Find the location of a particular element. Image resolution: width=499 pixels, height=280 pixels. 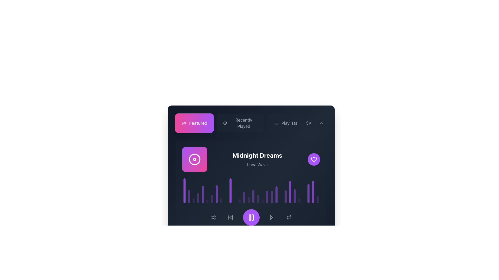

the 18th vertical graphical bar in the music equalizer display, which serves as a decorative visual component is located at coordinates (262, 201).